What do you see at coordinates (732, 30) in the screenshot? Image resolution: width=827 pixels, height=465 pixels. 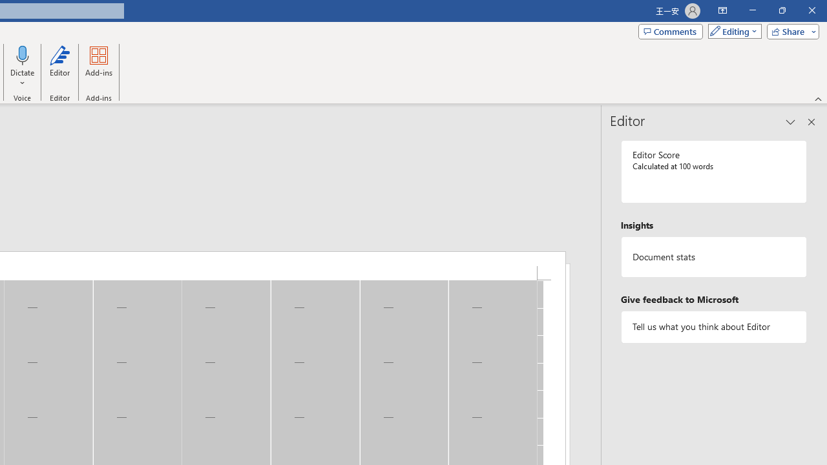 I see `'Mode'` at bounding box center [732, 30].